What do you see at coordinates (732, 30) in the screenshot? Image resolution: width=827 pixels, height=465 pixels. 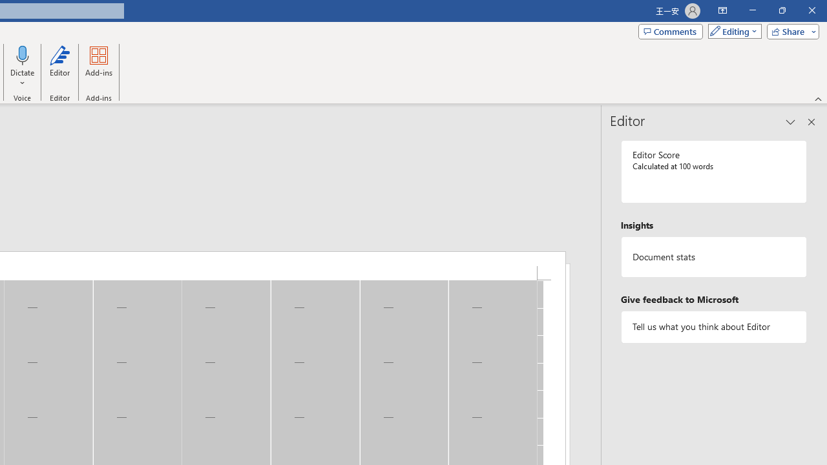 I see `'Mode'` at bounding box center [732, 30].